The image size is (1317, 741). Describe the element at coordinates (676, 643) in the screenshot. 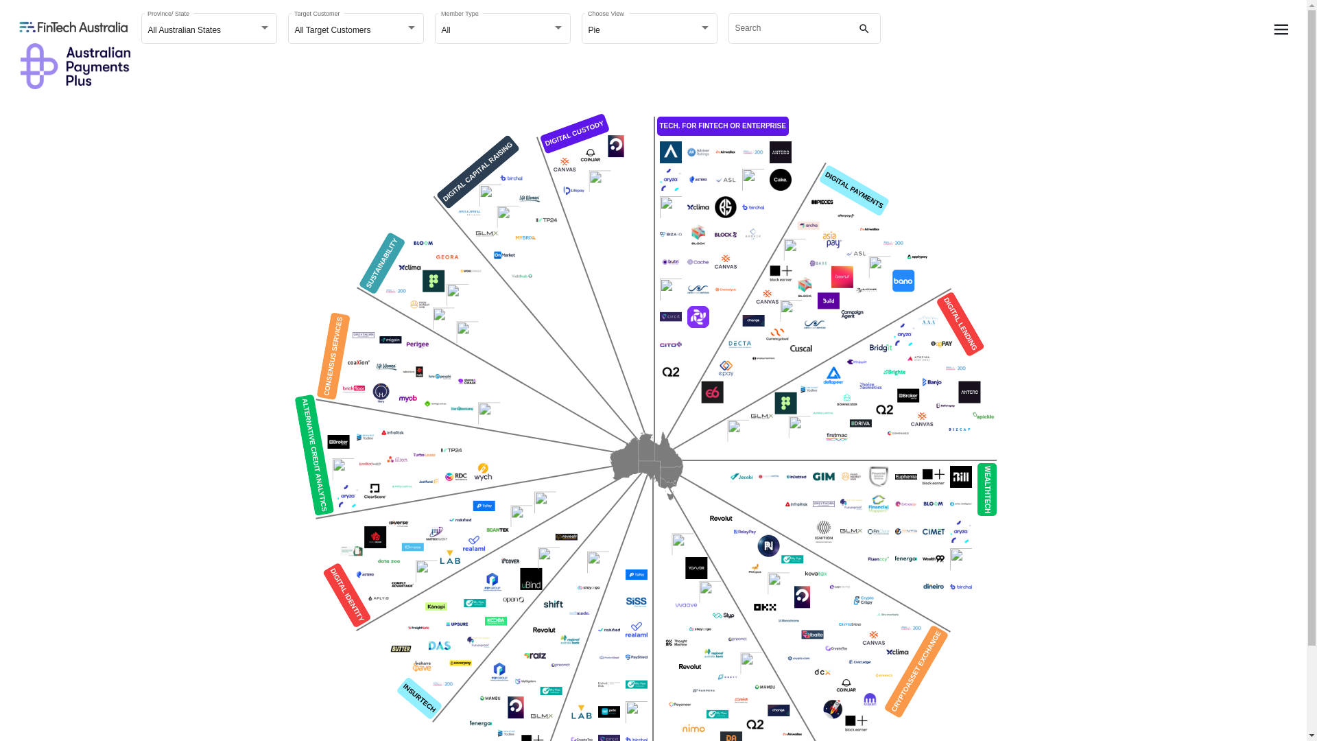

I see `'Thought Machine'` at that location.